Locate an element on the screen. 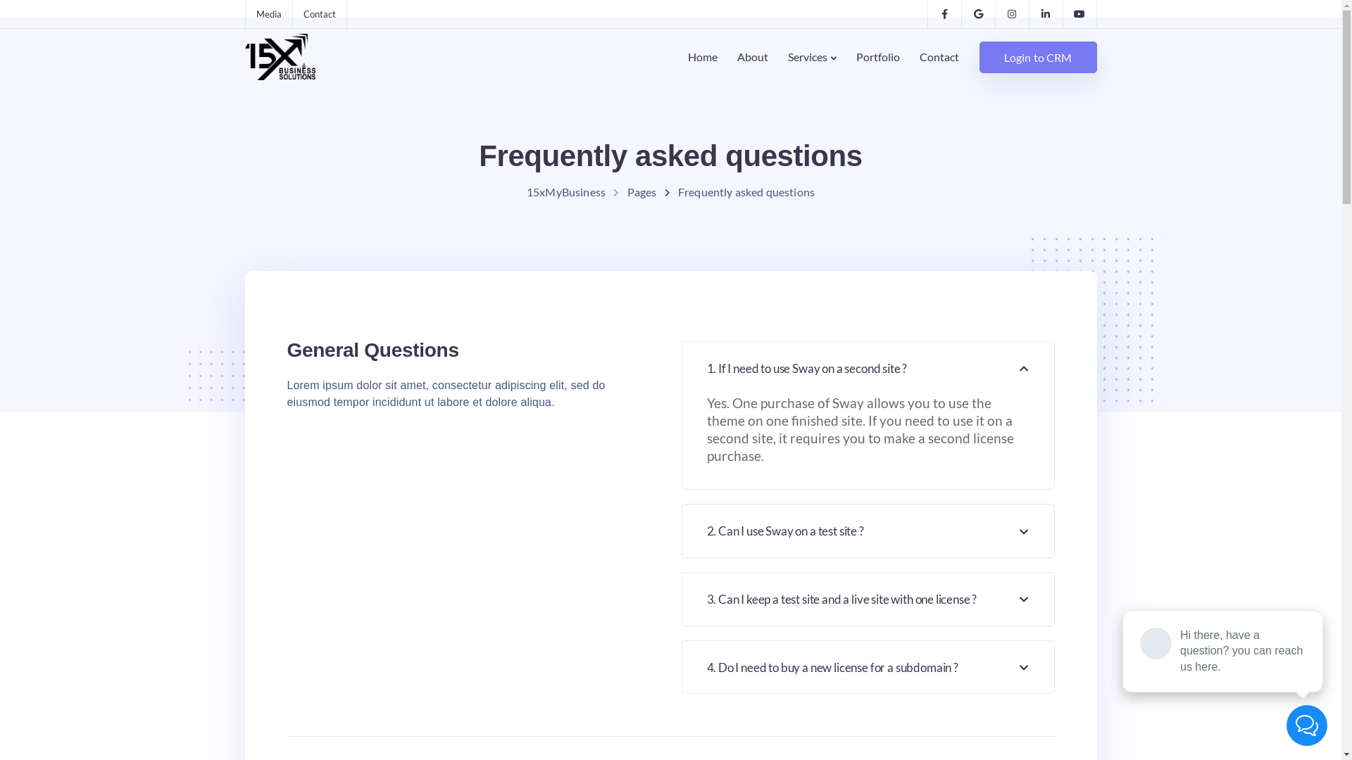 The image size is (1352, 760). 'Privacy Policy' is located at coordinates (595, 618).